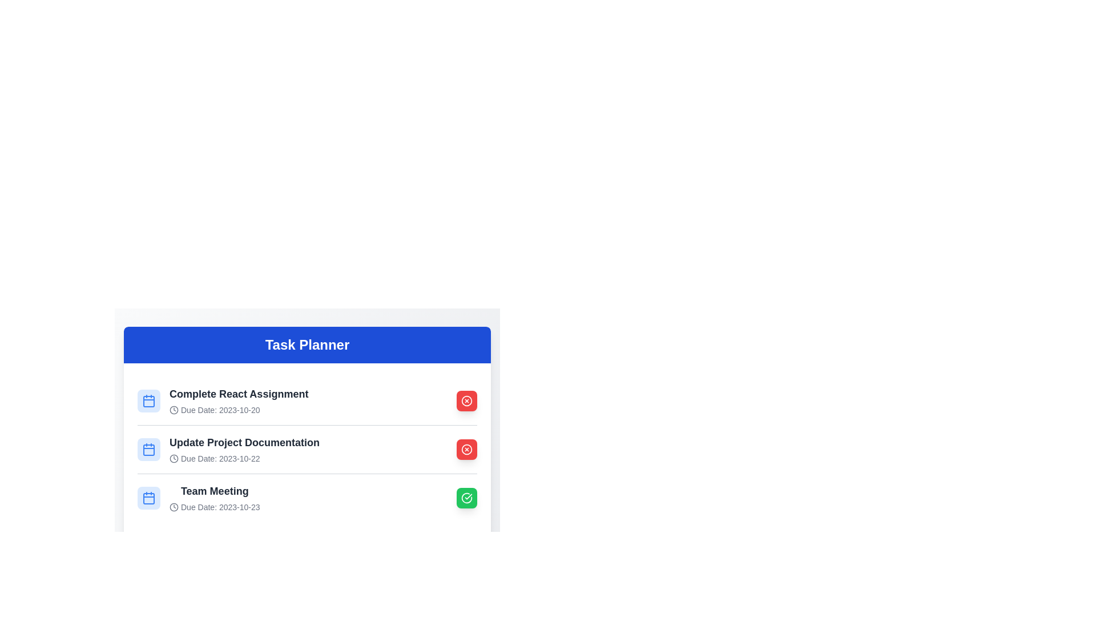 The height and width of the screenshot is (617, 1096). I want to click on text of the Heading or Task Title located at the top of the Task Planner panel, which provides an overview of the task, so click(238, 394).